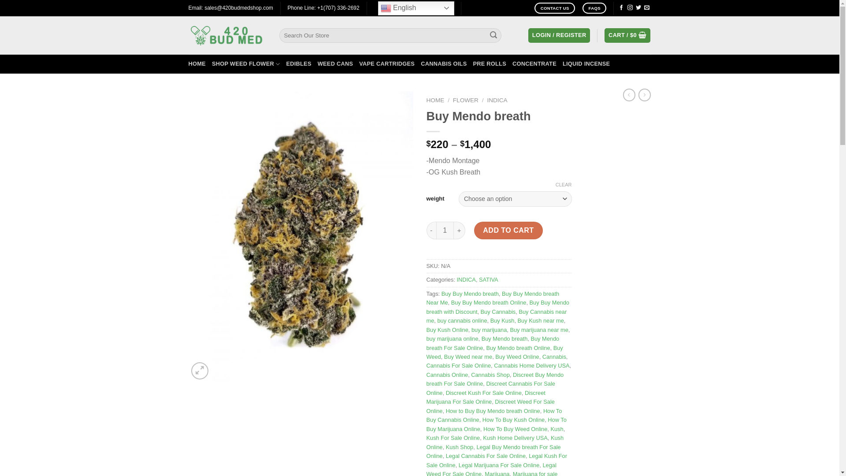  What do you see at coordinates (446, 447) in the screenshot?
I see `'Kush Shop'` at bounding box center [446, 447].